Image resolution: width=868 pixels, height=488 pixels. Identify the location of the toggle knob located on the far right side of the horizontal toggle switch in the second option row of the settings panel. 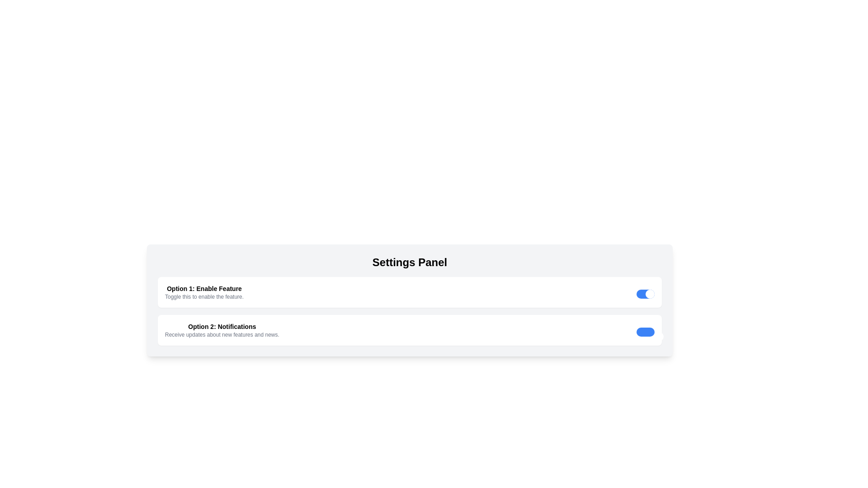
(659, 336).